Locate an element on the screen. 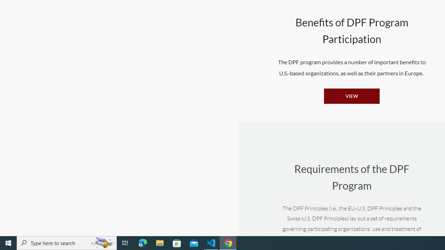 This screenshot has height=250, width=445. 'VIEW' is located at coordinates (351, 96).